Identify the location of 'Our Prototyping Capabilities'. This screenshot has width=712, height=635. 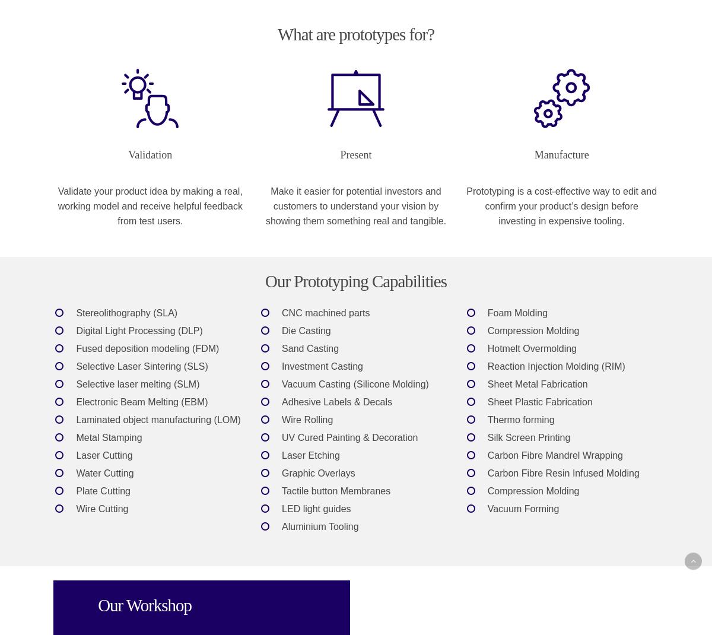
(265, 281).